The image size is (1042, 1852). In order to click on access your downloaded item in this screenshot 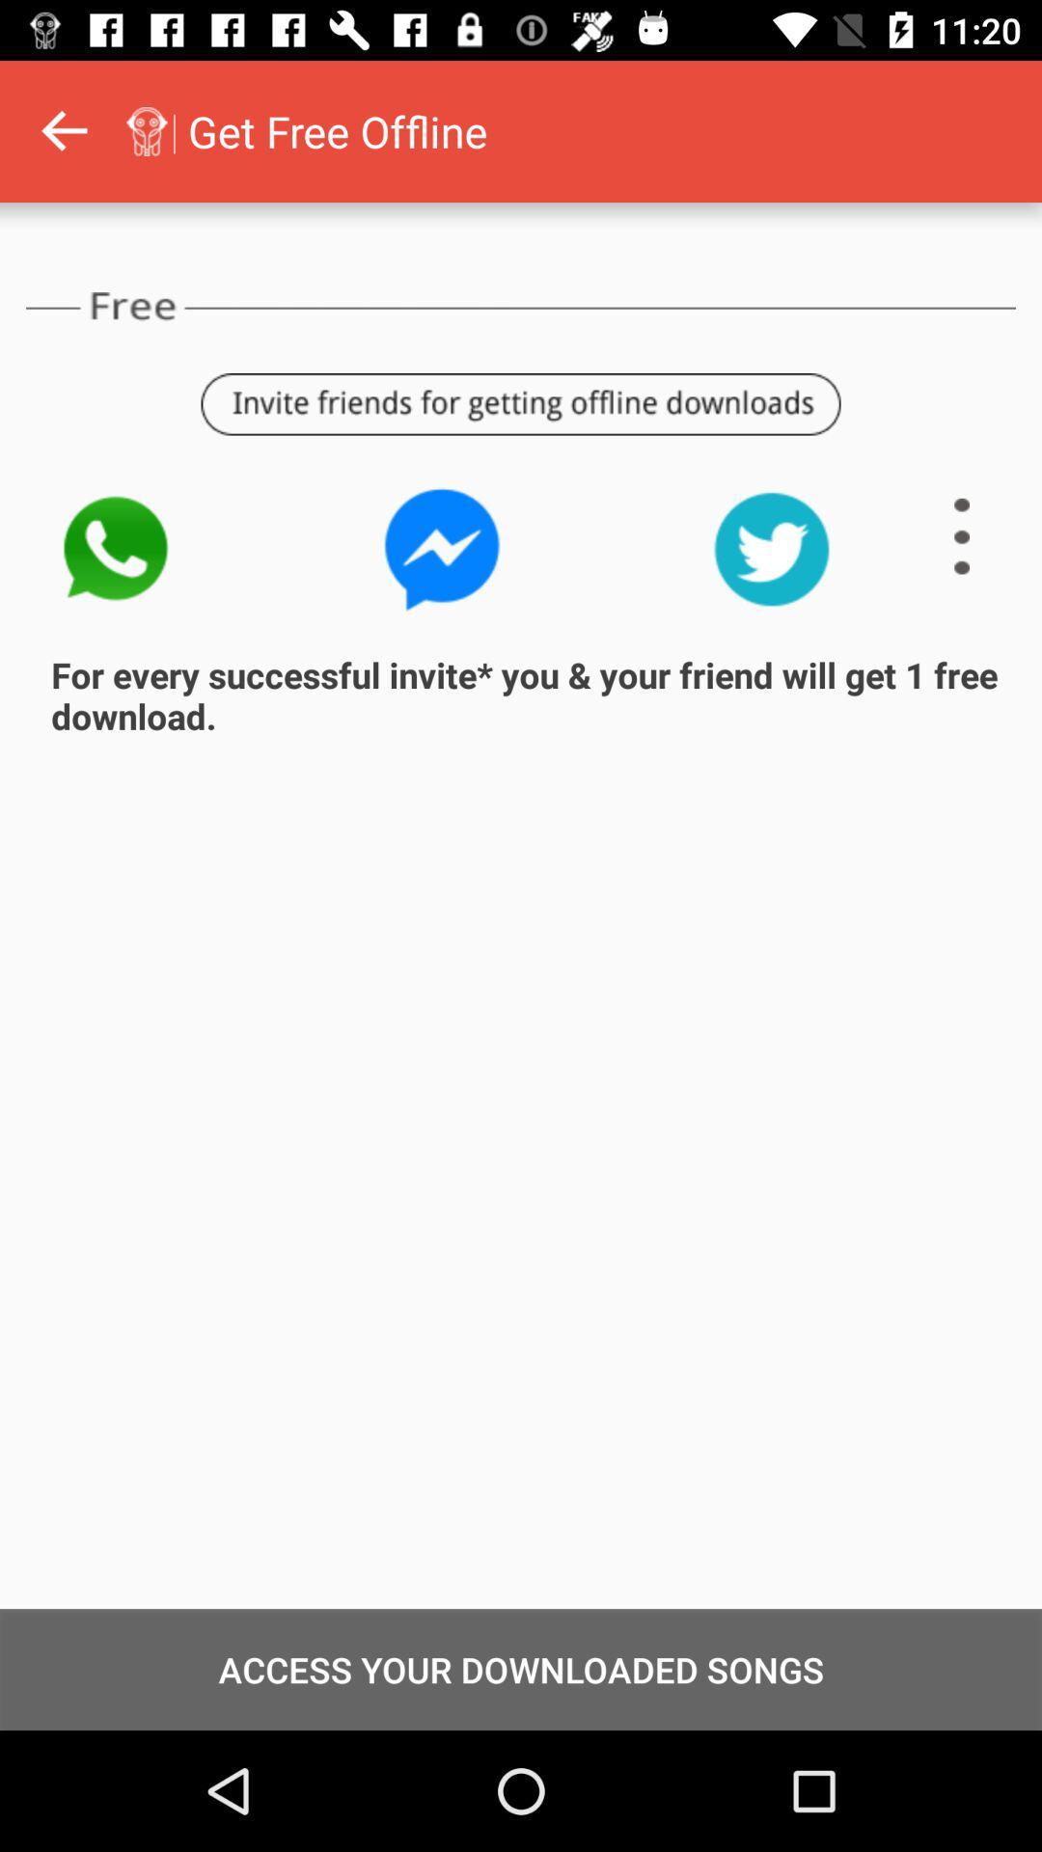, I will do `click(521, 1669)`.